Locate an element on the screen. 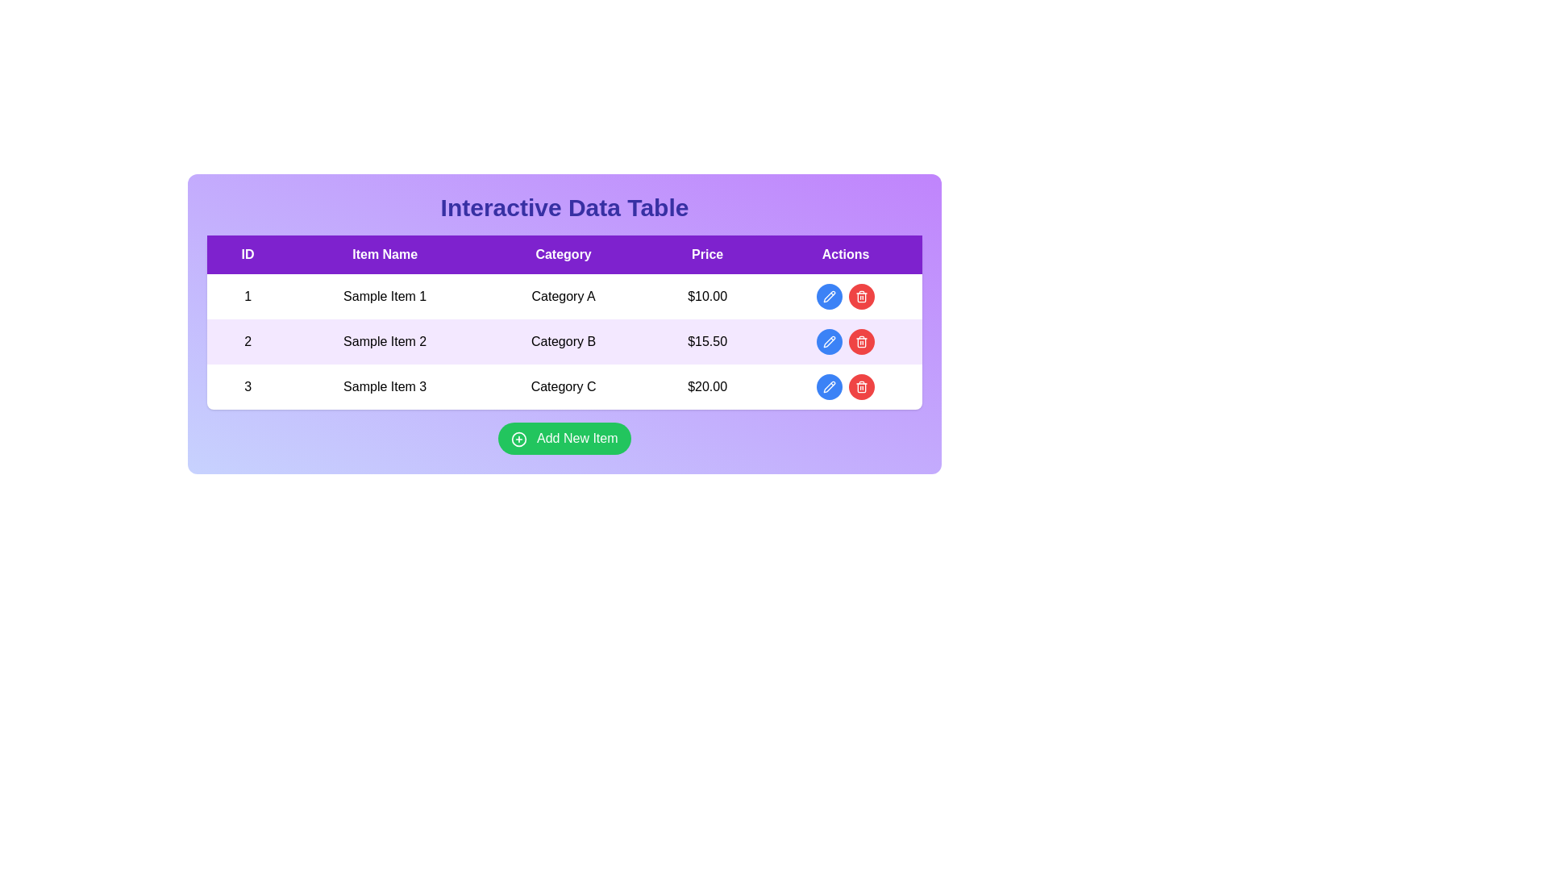 The width and height of the screenshot is (1548, 871). the Text label that serves as the name or description field for an item in the first row of the table under the 'Item Name' column is located at coordinates (384, 296).